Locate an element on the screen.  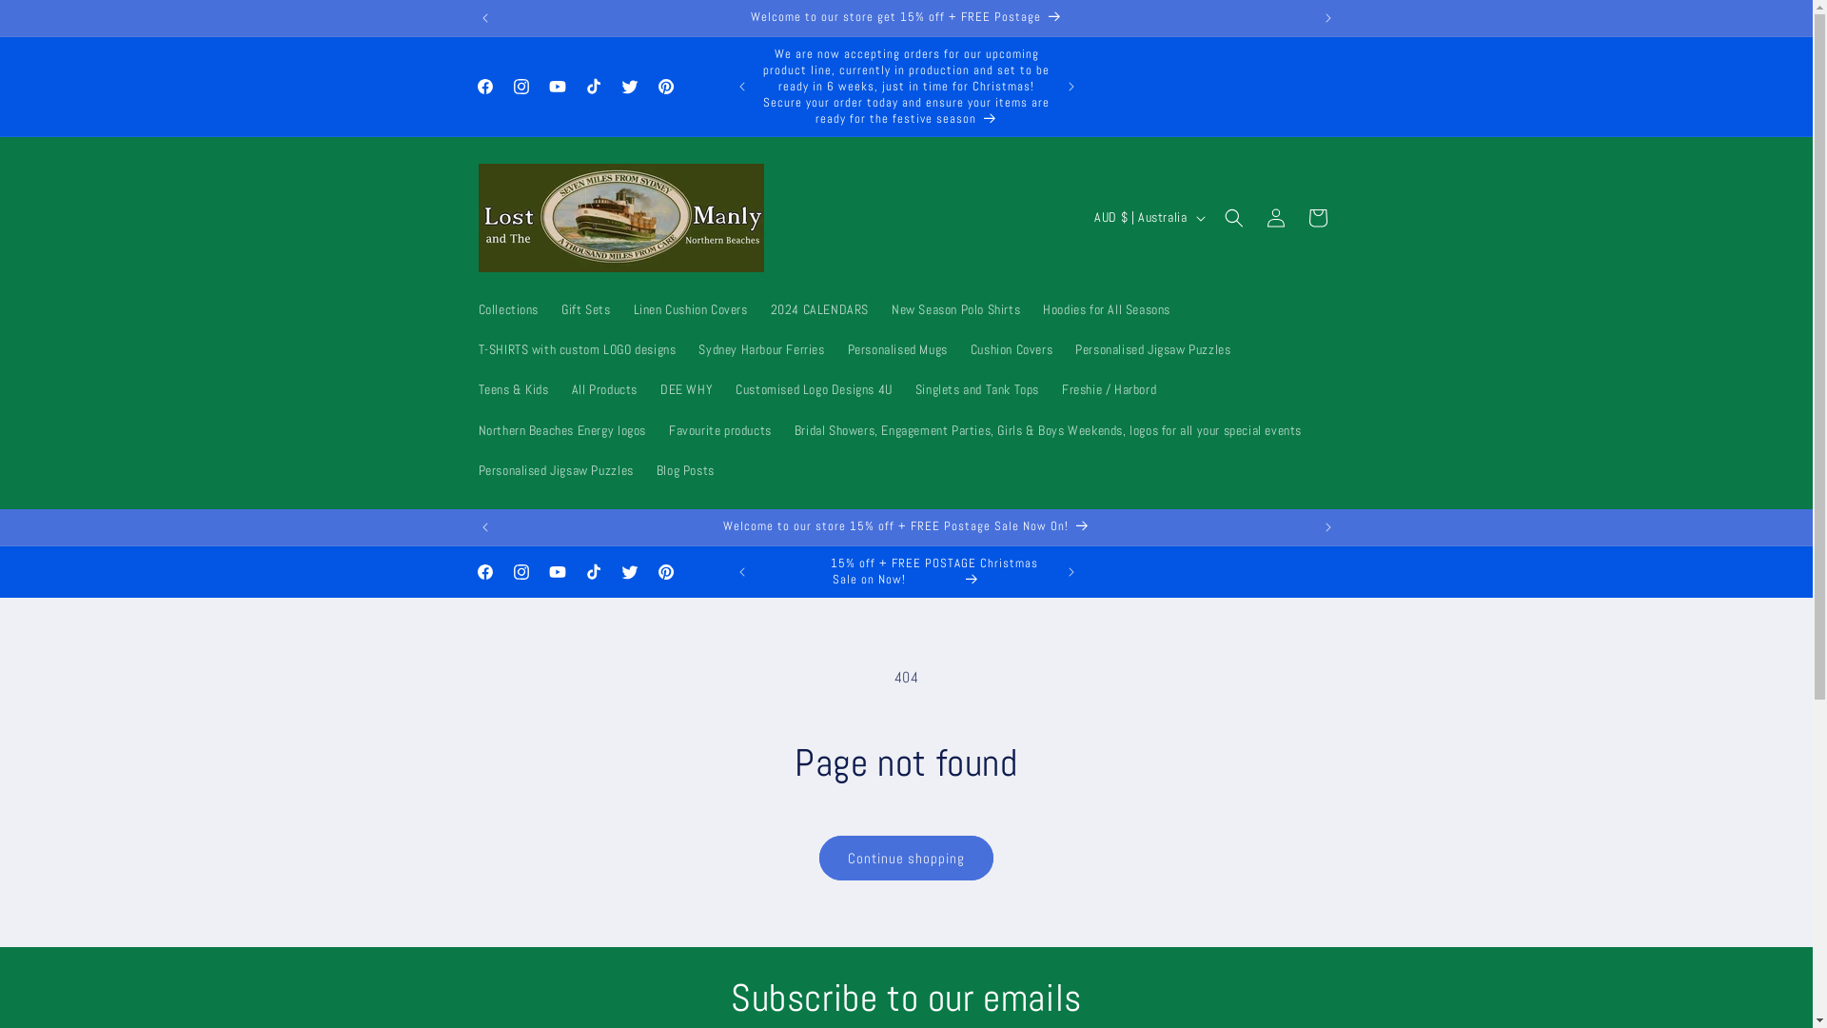
'YouTube' is located at coordinates (556, 87).